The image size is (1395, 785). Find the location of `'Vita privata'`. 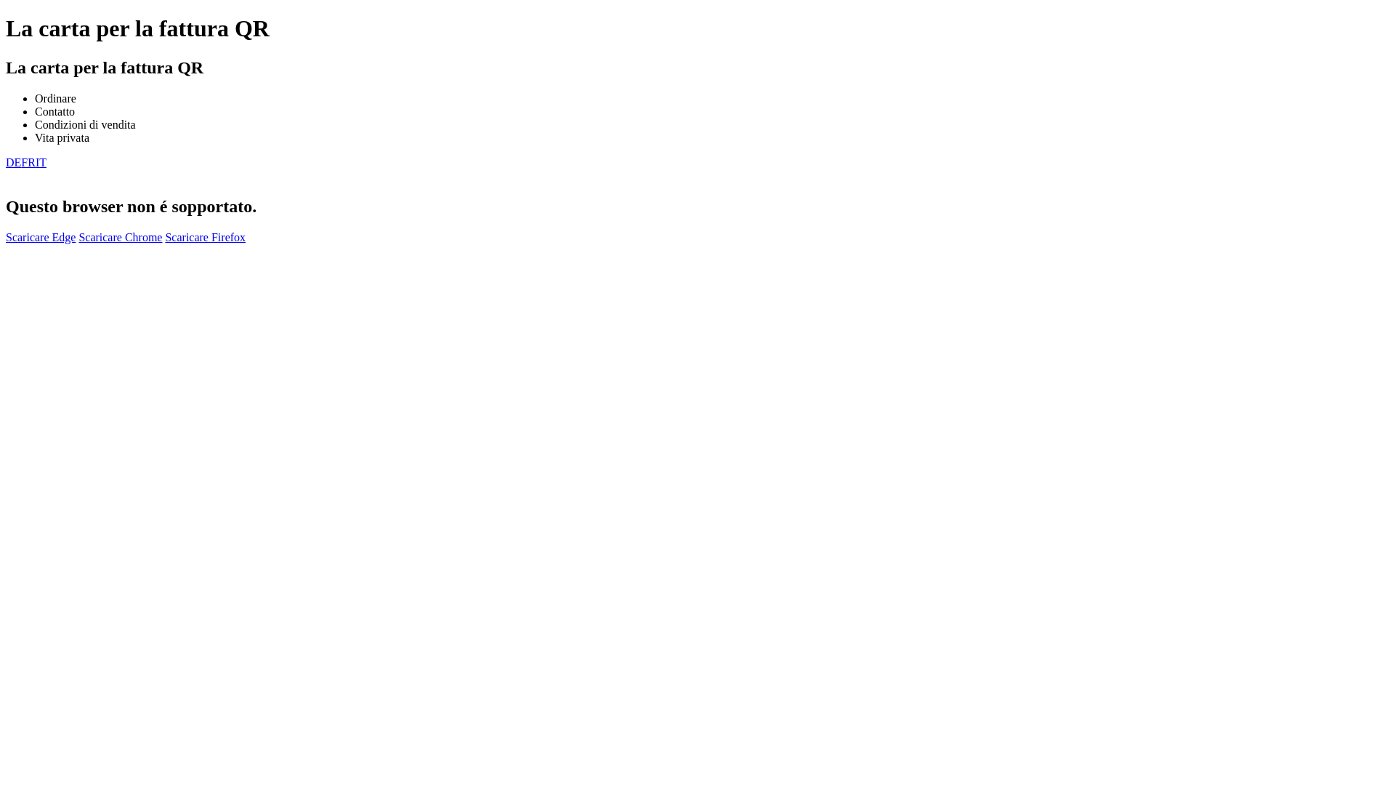

'Vita privata' is located at coordinates (61, 137).